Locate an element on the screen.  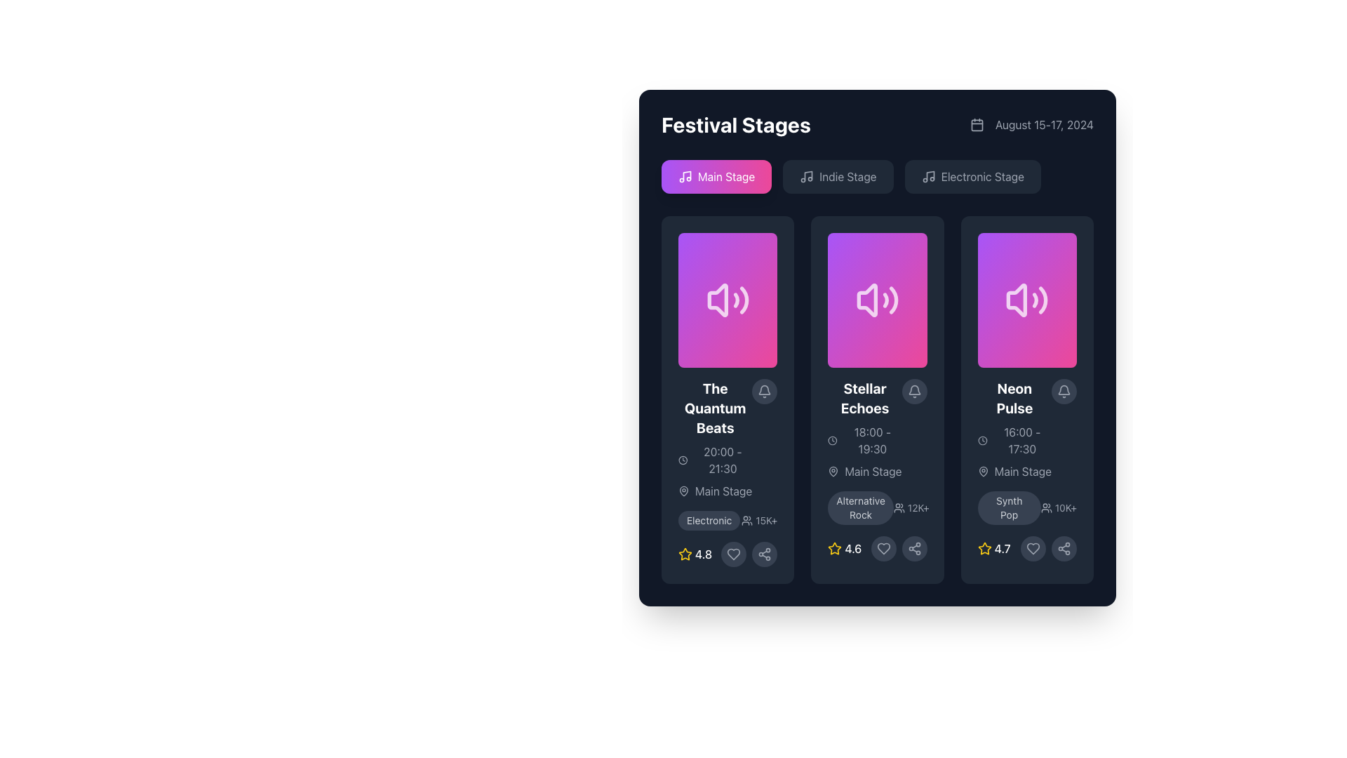
the outlined heart icon button located at the bottom center of the 'Neon Pulse' box is located at coordinates (1033, 548).